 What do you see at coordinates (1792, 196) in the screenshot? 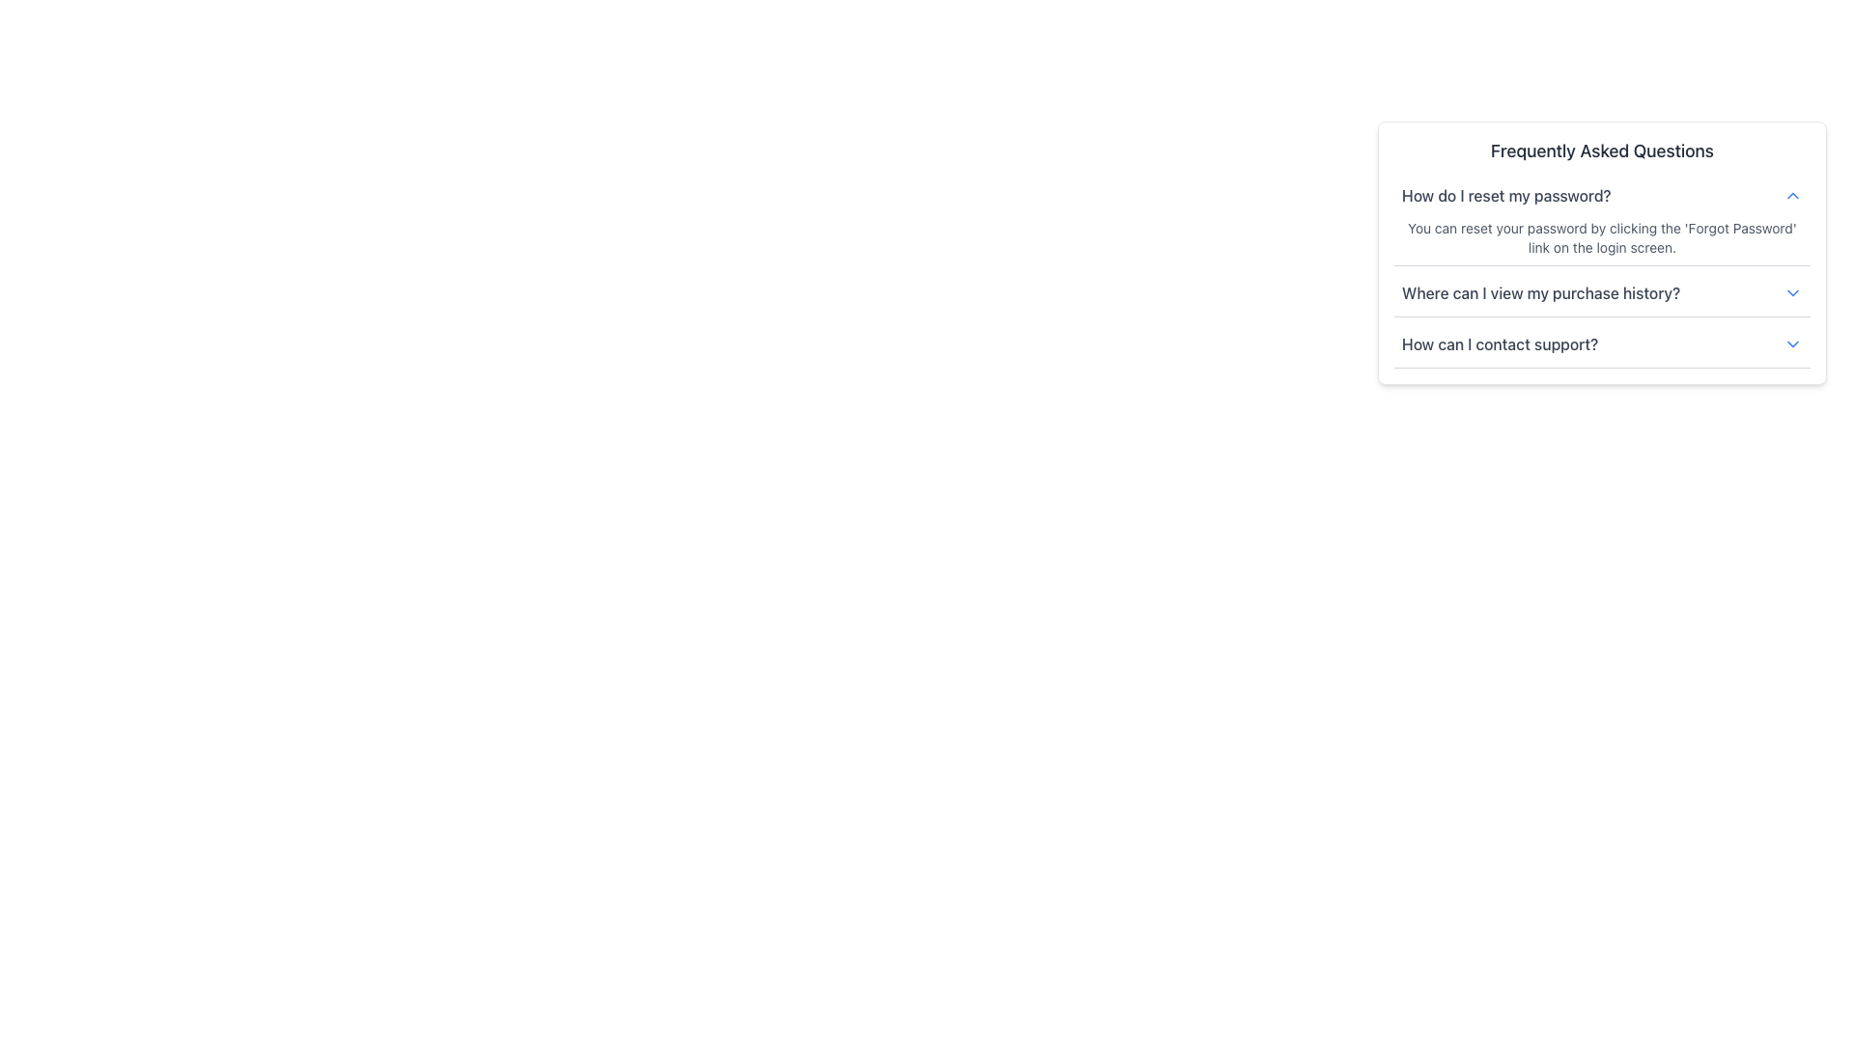
I see `the upward chevron icon styled in blue located on the right side of the FAQ header 'How do I reset my password?'` at bounding box center [1792, 196].